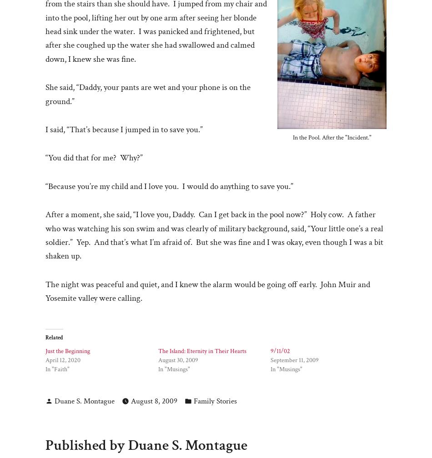 This screenshot has width=432, height=458. I want to click on 'The night was peaceful and quiet, and I knew the alarm would be going off early.  John Muir and Yosemite valley were calling.', so click(207, 291).